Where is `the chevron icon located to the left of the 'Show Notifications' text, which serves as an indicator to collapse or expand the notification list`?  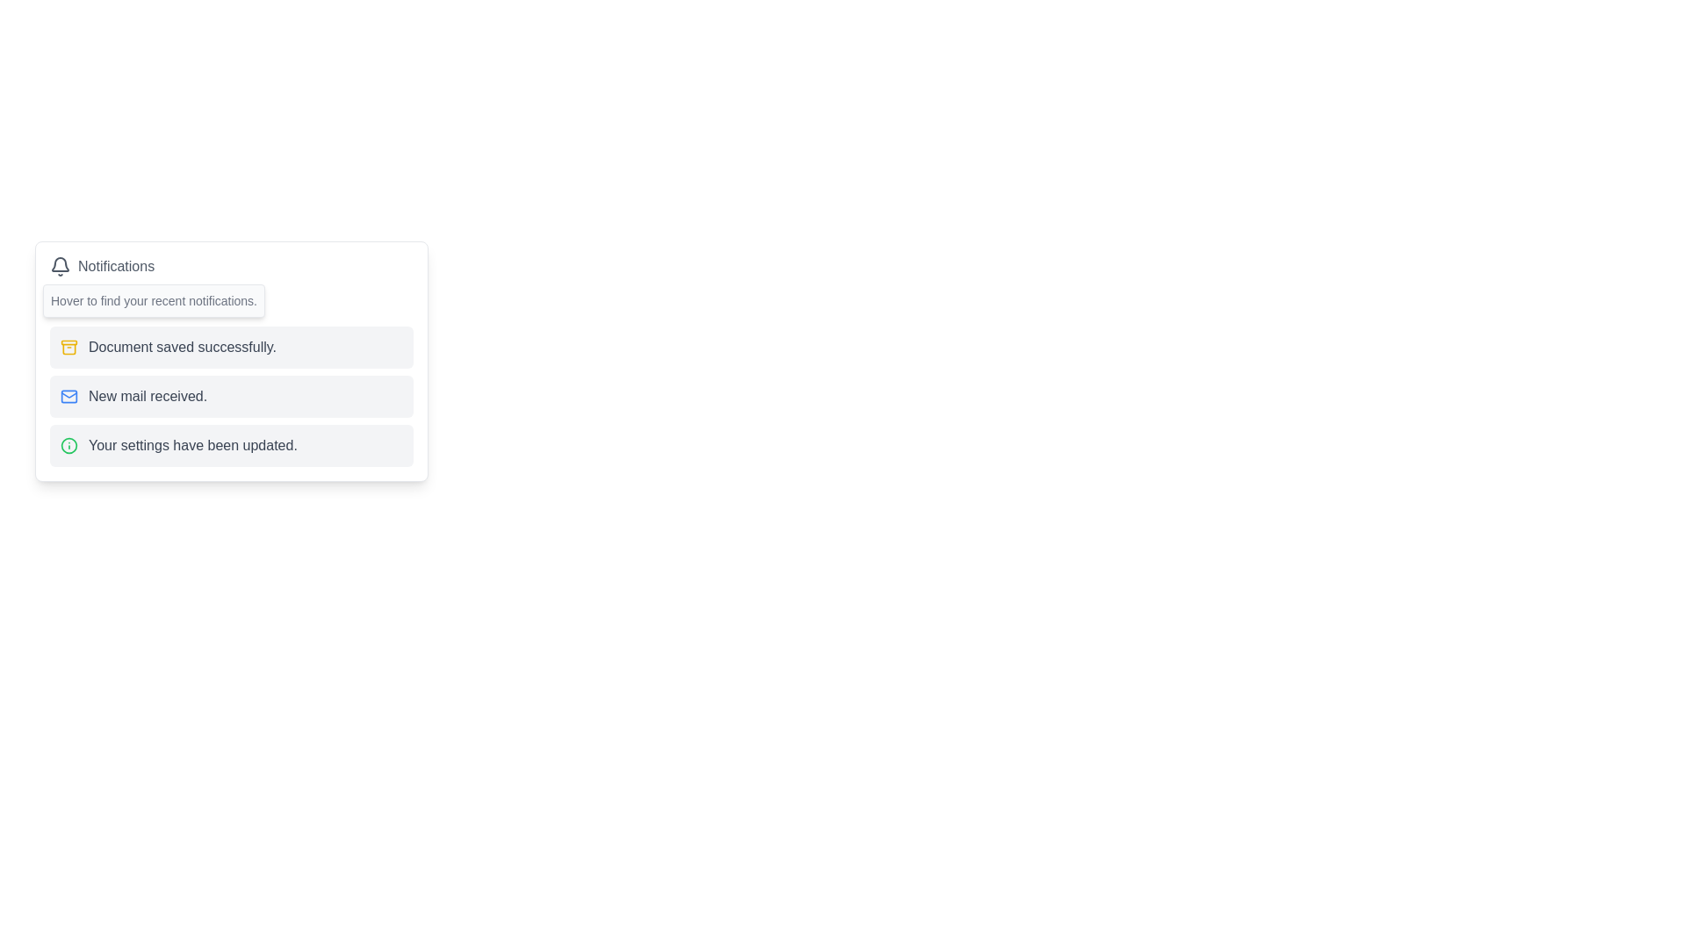 the chevron icon located to the left of the 'Show Notifications' text, which serves as an indicator to collapse or expand the notification list is located at coordinates (60, 300).